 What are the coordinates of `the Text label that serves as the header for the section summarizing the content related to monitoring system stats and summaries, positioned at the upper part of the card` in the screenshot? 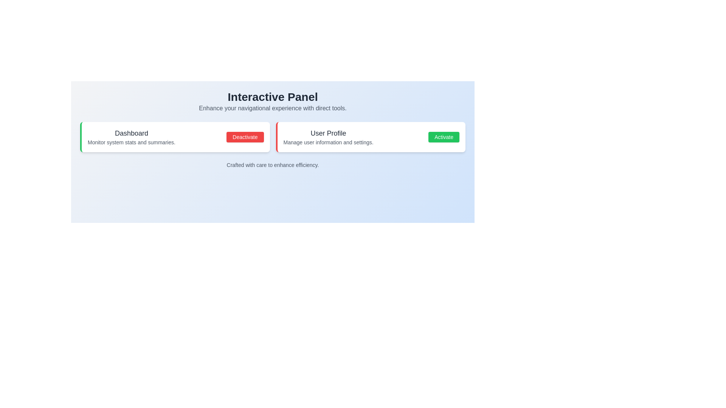 It's located at (131, 133).